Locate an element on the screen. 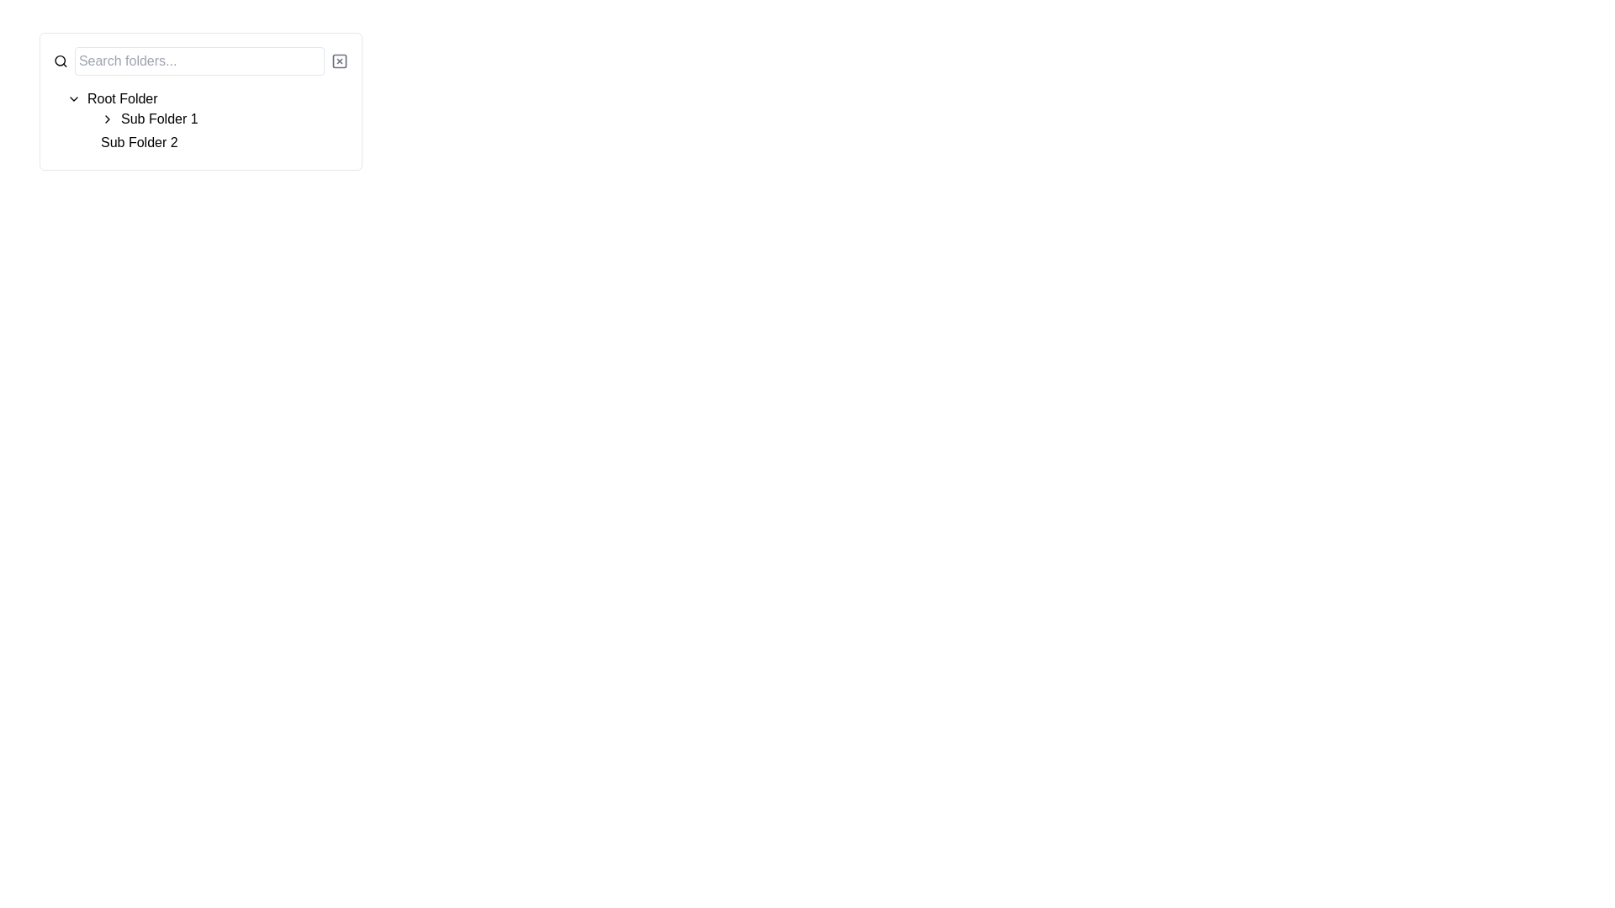 This screenshot has height=908, width=1615. the collapsible folder tree panel located is located at coordinates (201, 101).